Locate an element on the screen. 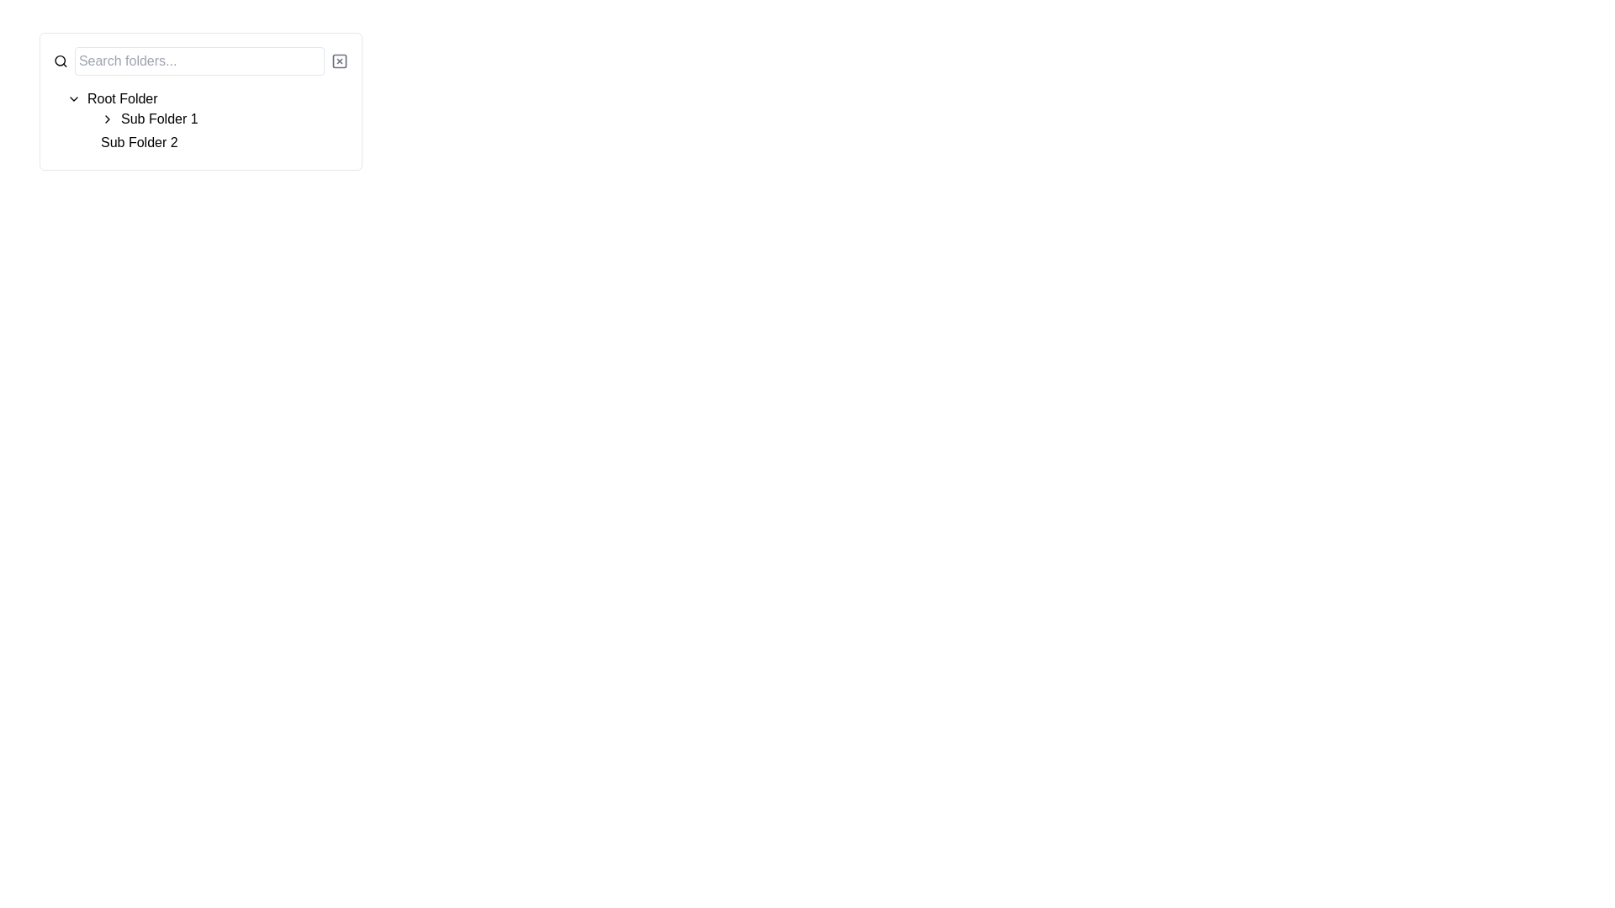 This screenshot has height=908, width=1615. the collapsible folder tree panel located is located at coordinates (201, 101).